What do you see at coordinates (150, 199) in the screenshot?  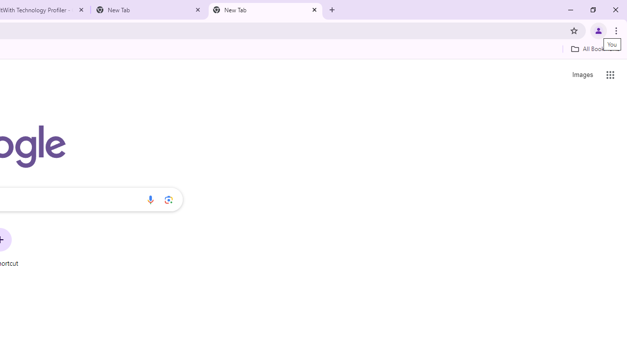 I see `'Search by voice'` at bounding box center [150, 199].